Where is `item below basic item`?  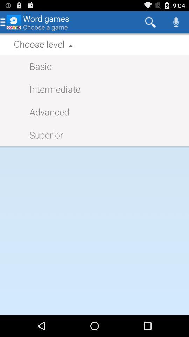 item below basic item is located at coordinates (51, 88).